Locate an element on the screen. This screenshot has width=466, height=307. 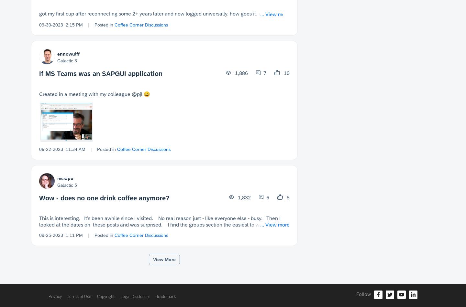
'ennowulff' is located at coordinates (68, 53).